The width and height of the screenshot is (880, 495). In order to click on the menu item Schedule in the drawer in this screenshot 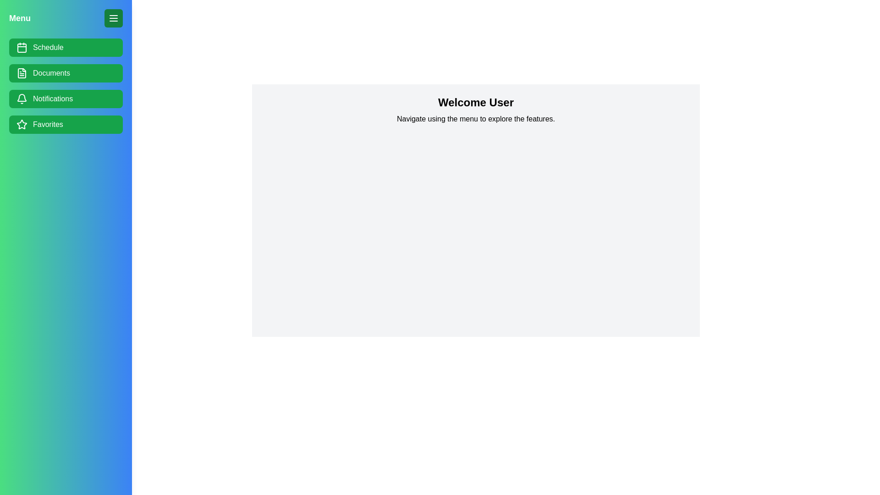, I will do `click(66, 48)`.